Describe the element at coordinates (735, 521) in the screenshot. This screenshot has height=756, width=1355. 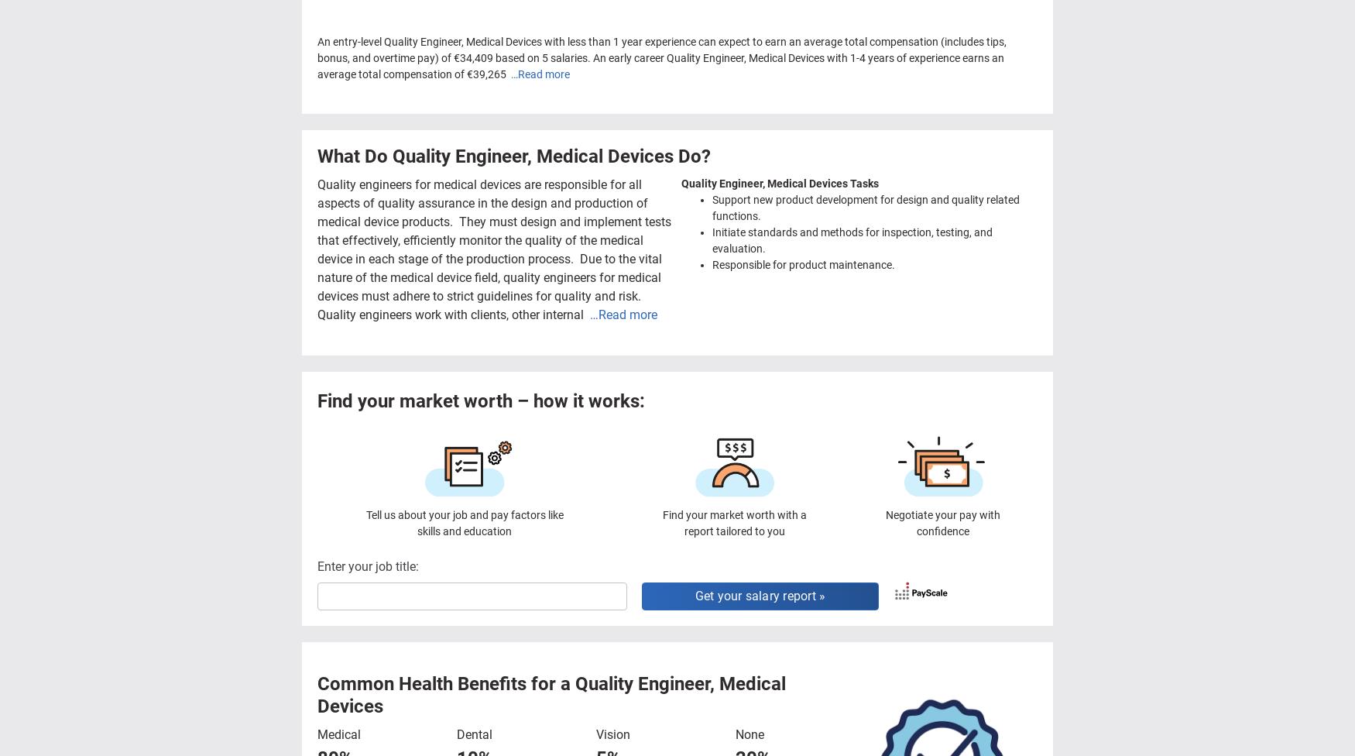
I see `'Find your market worth with a report tailored to you'` at that location.